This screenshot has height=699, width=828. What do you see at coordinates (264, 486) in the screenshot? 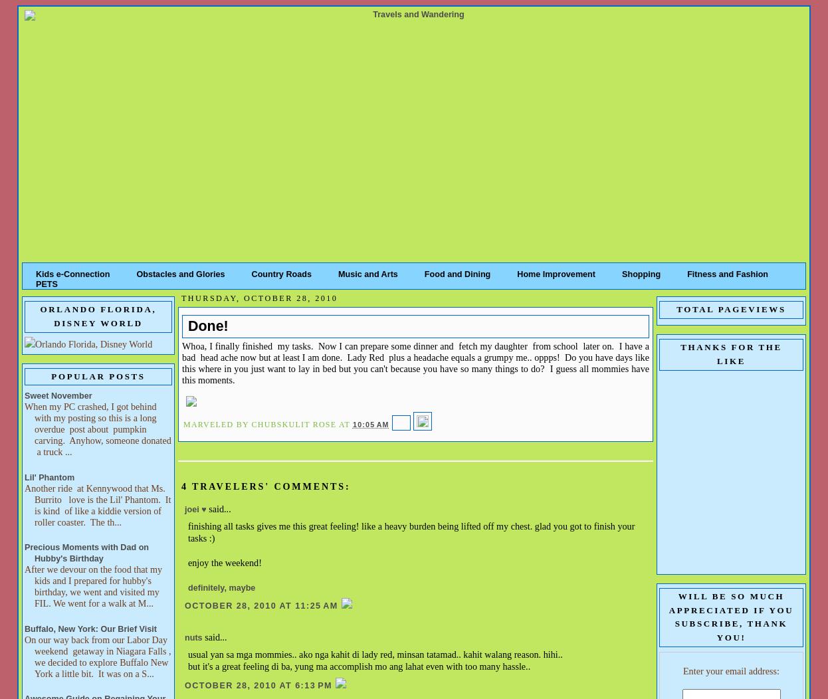
I see `'4
travelers' comments:'` at bounding box center [264, 486].